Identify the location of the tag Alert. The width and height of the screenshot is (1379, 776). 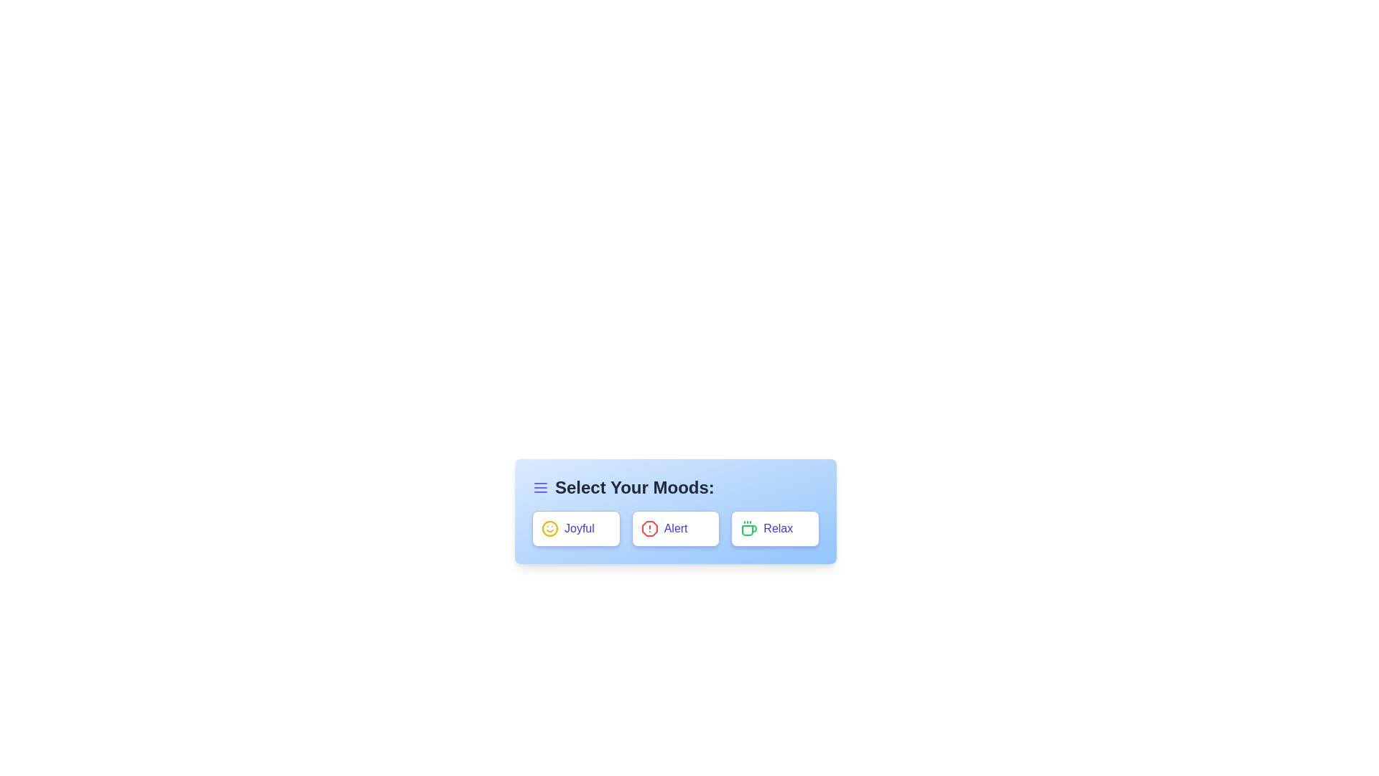
(674, 529).